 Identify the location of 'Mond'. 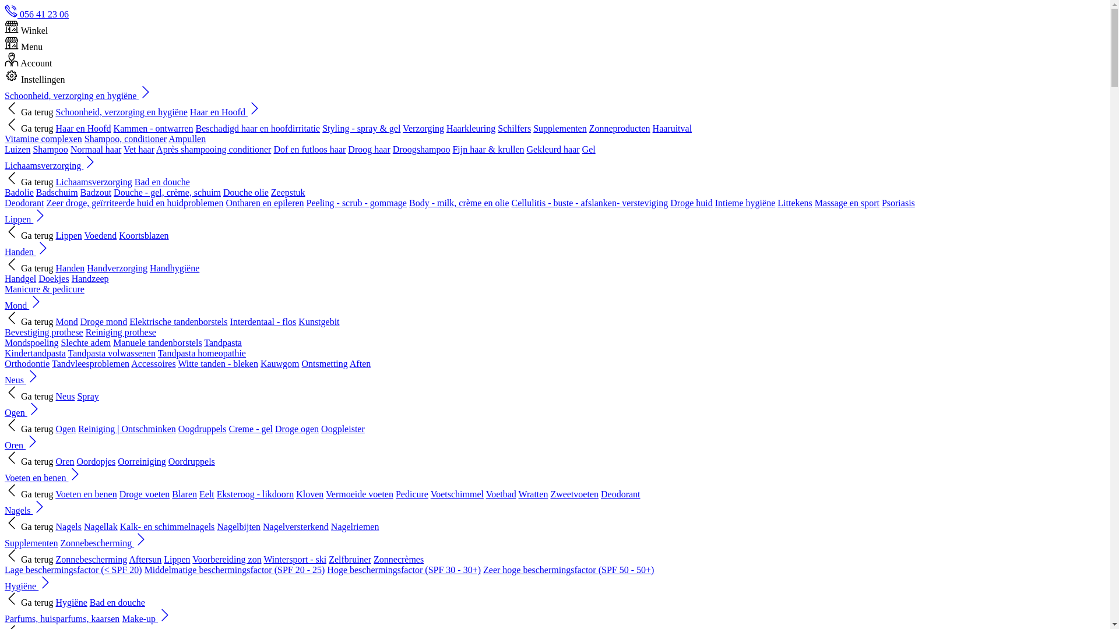
(24, 305).